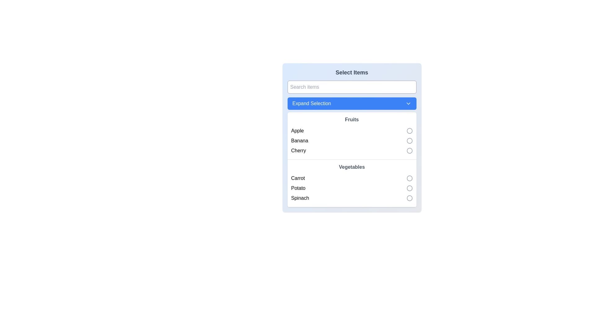 The height and width of the screenshot is (335, 595). I want to click on the circular radio button with a thin gray border located to the far right of the 'Apple' row in the 'Fruits' section, so click(409, 130).